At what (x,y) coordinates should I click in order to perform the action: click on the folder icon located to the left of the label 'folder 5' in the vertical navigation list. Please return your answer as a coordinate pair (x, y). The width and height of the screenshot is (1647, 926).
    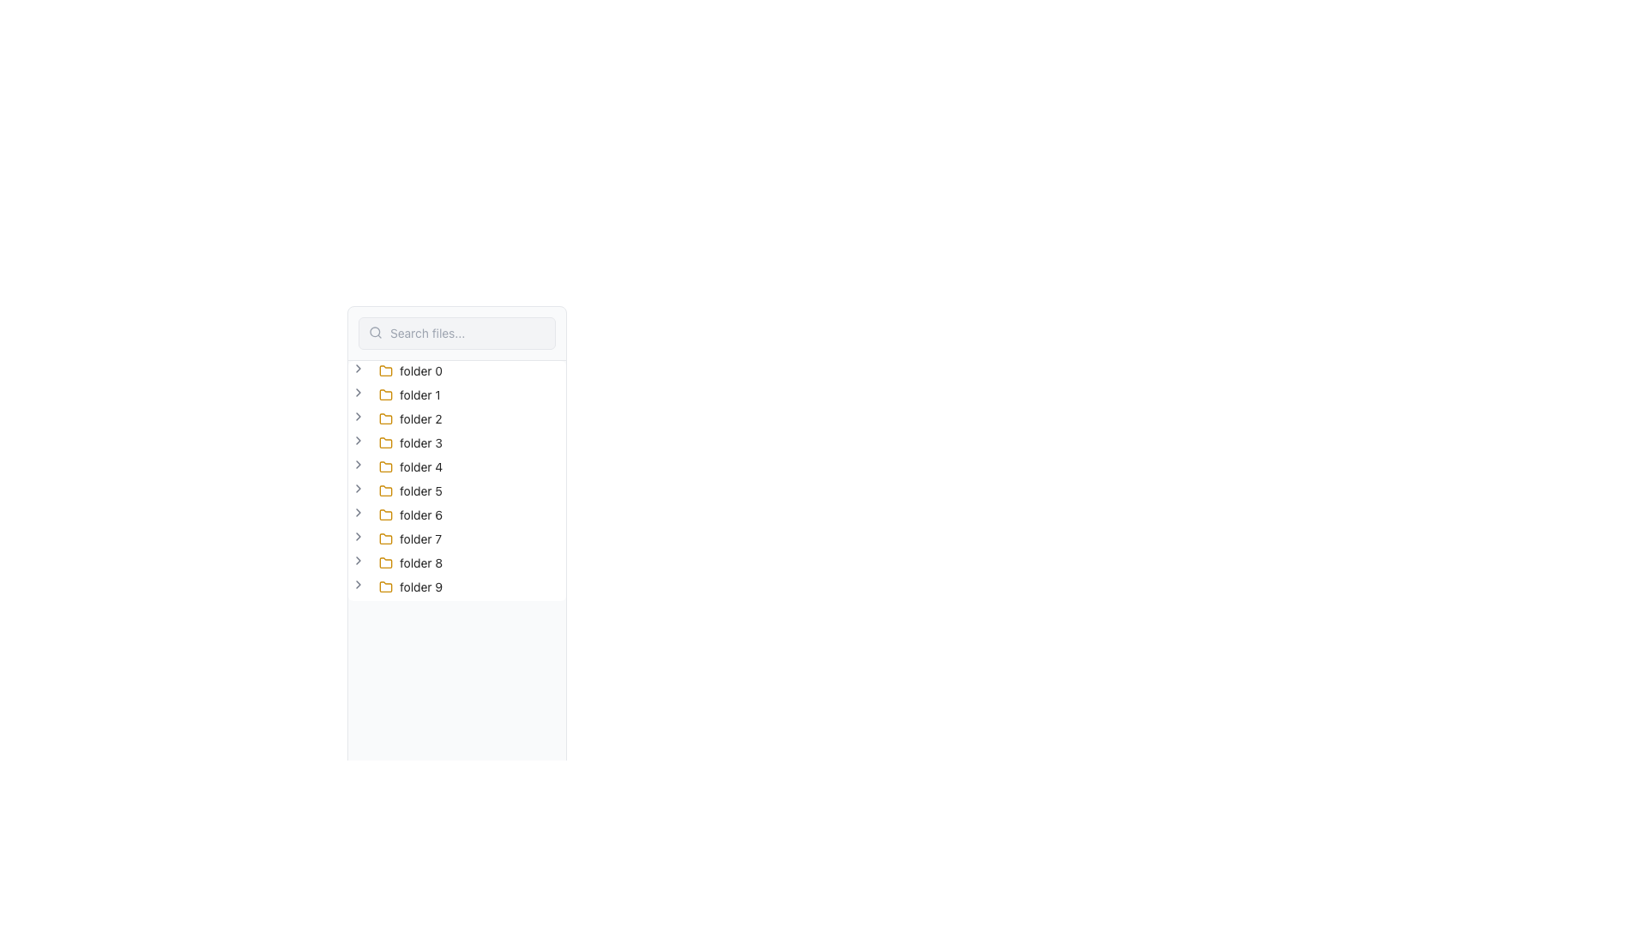
    Looking at the image, I should click on (385, 491).